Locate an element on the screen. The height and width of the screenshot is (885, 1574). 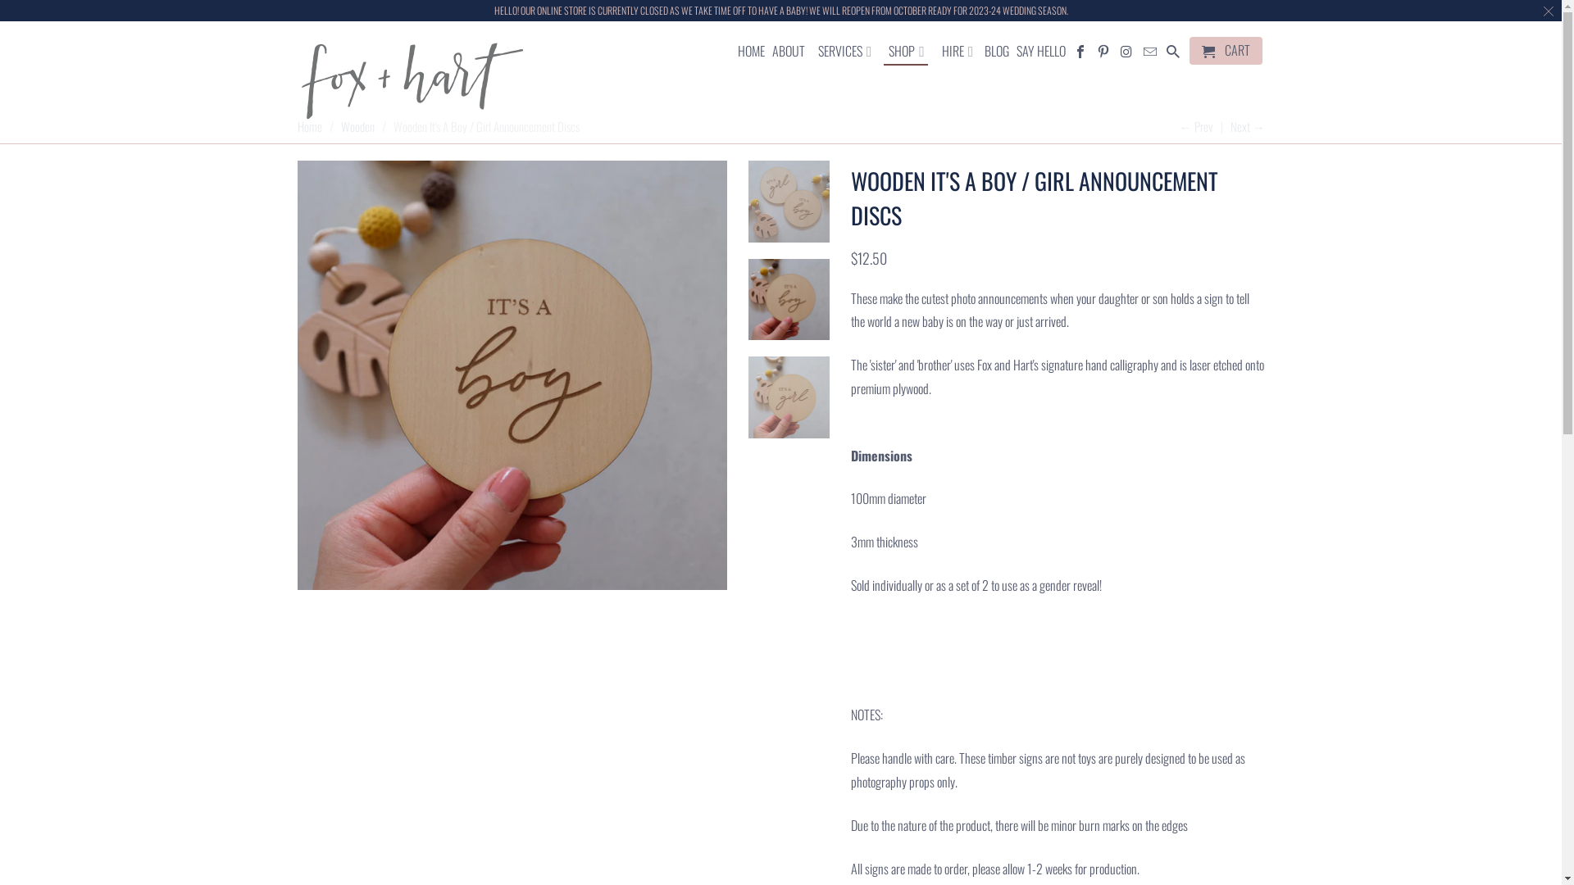
'Search' is located at coordinates (1173, 52).